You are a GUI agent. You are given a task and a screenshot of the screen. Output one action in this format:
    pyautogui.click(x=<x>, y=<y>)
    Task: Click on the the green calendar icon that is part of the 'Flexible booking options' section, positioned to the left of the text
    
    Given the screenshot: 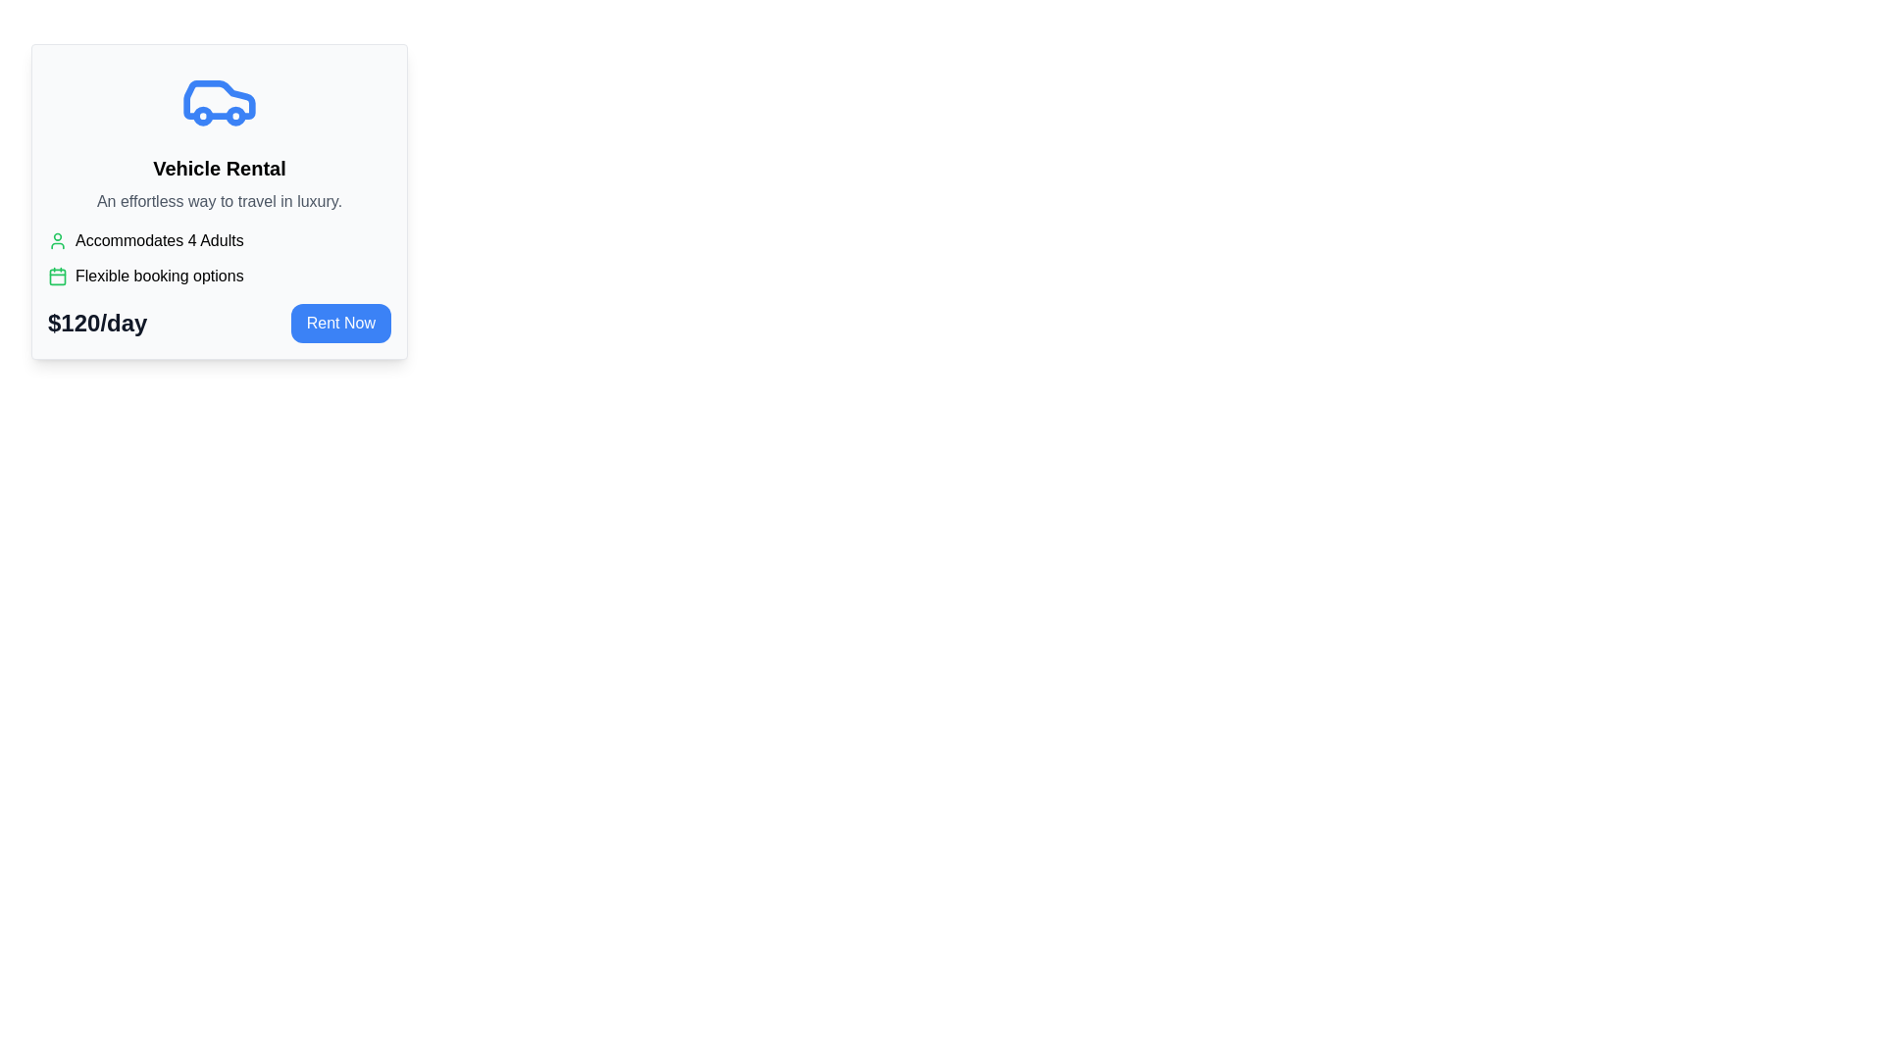 What is the action you would take?
    pyautogui.click(x=57, y=276)
    